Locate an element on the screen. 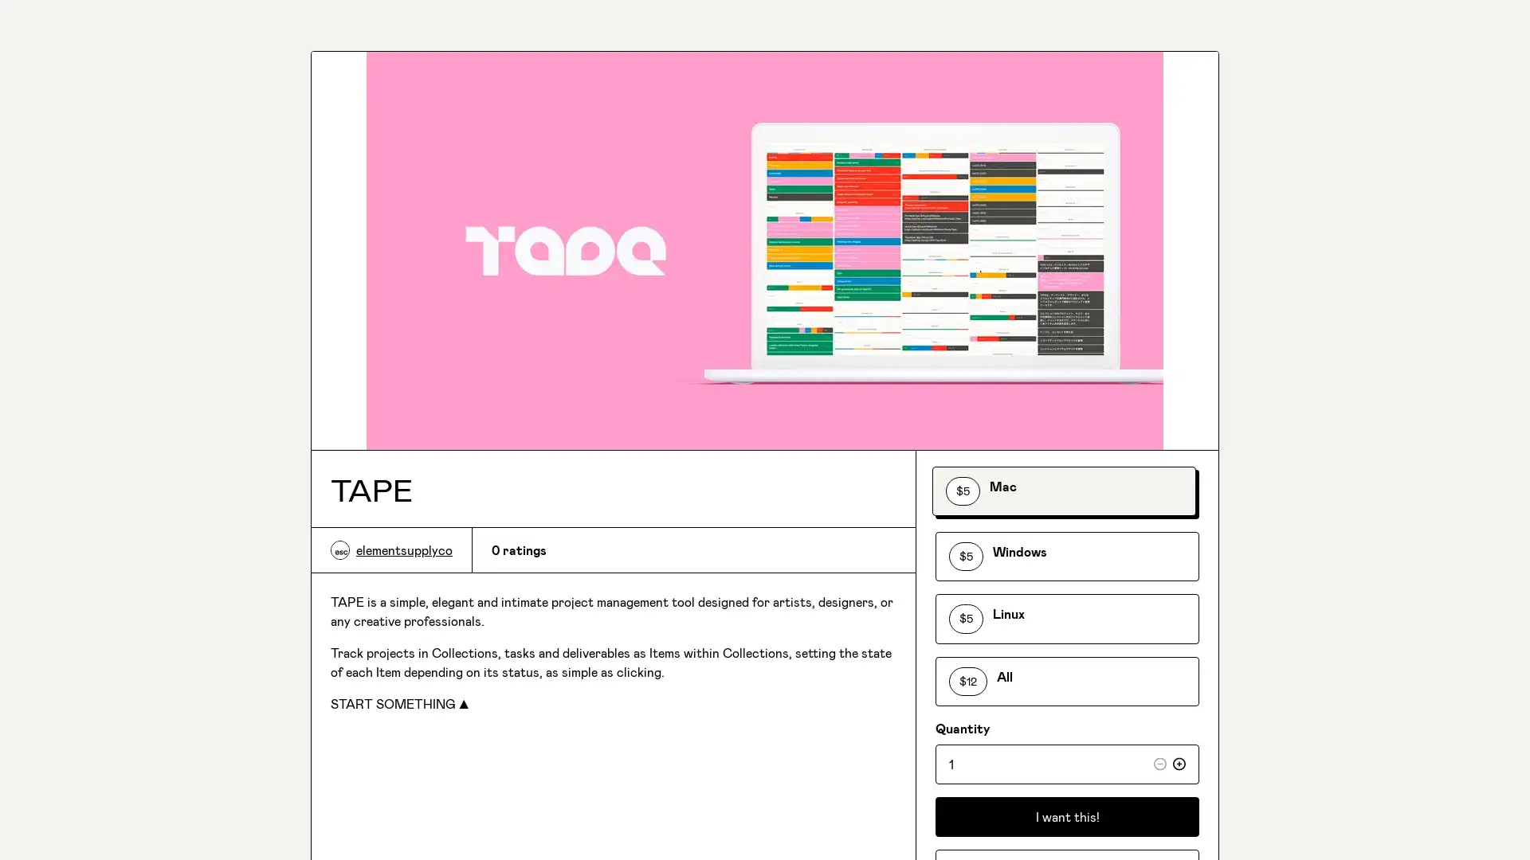 The width and height of the screenshot is (1530, 860). I want this! is located at coordinates (1067, 816).